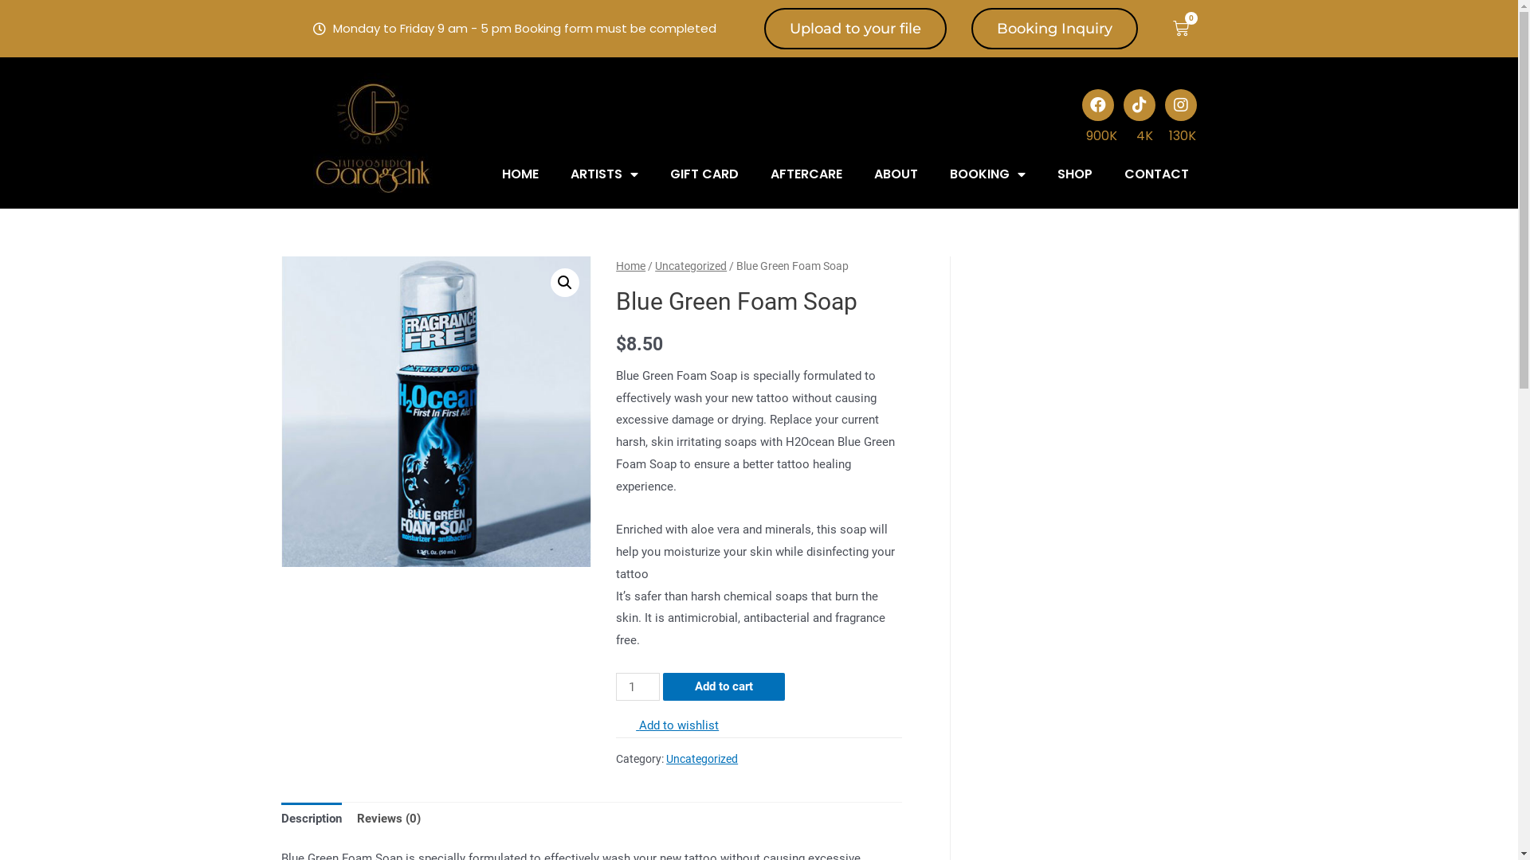 The width and height of the screenshot is (1530, 860). Describe the element at coordinates (310, 819) in the screenshot. I see `'Description'` at that location.